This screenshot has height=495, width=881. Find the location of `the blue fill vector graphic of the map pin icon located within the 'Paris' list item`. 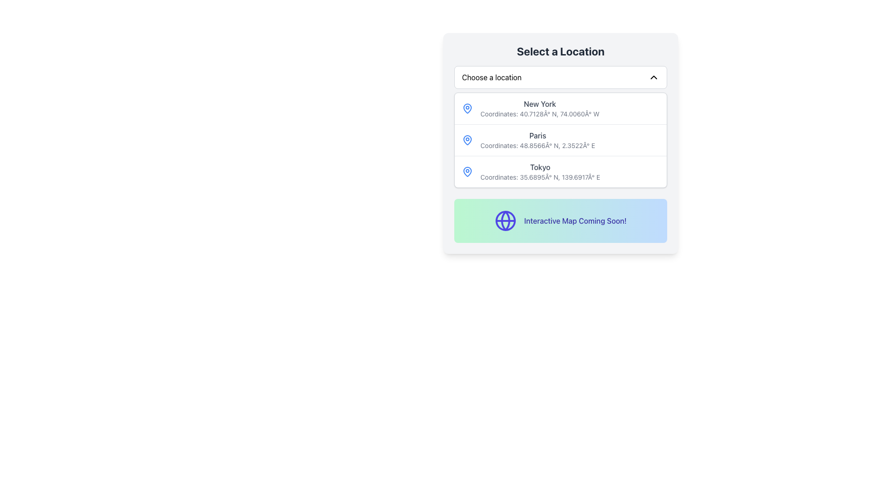

the blue fill vector graphic of the map pin icon located within the 'Paris' list item is located at coordinates (467, 139).